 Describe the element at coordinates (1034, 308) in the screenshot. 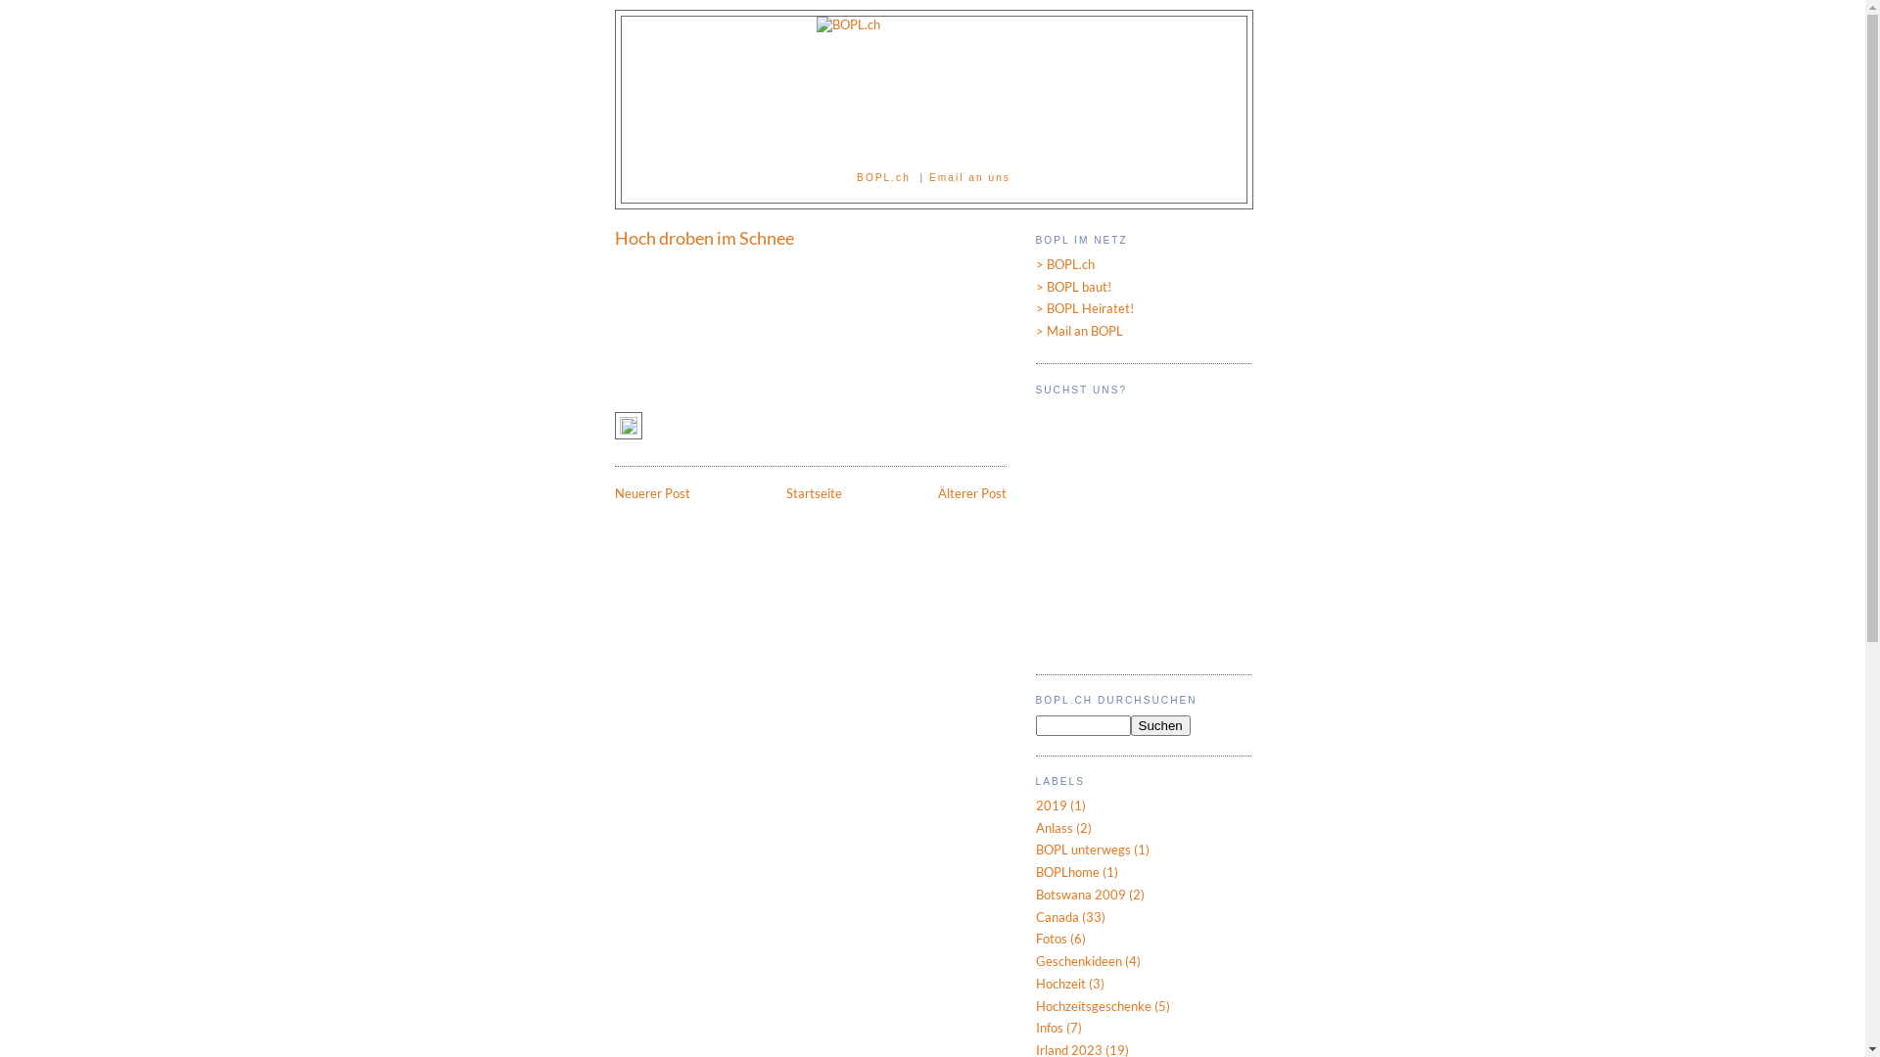

I see `'> BOPL Heiratet!'` at that location.